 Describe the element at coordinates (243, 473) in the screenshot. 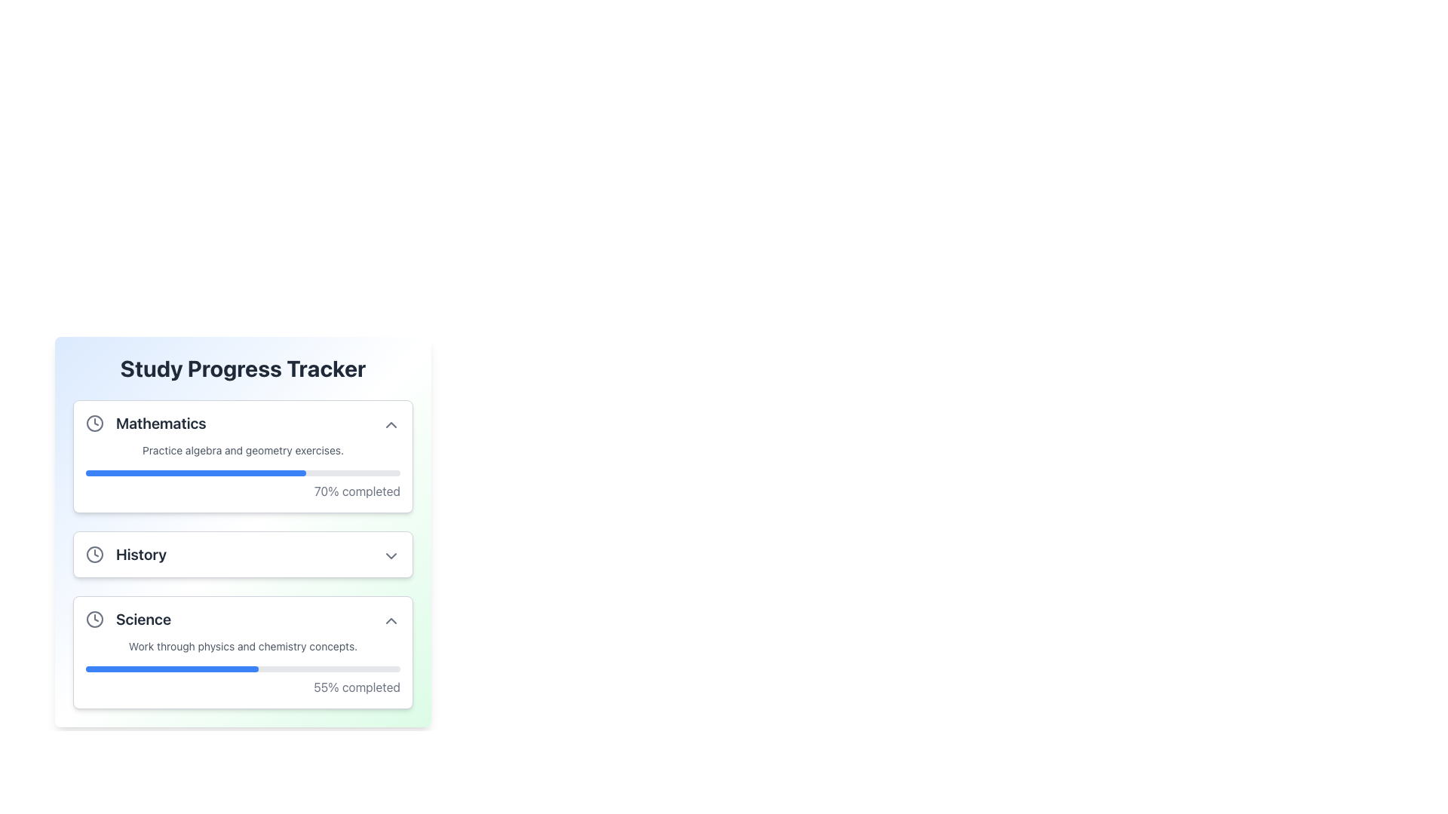

I see `the horizontal progress bar with a gray background and a blue filled section, which is located in the 'Mathematics' section of the 'Study Progress Tracker', positioned below the title 'Practice algebra and geometry exercises.' and above '70% completed'` at that location.